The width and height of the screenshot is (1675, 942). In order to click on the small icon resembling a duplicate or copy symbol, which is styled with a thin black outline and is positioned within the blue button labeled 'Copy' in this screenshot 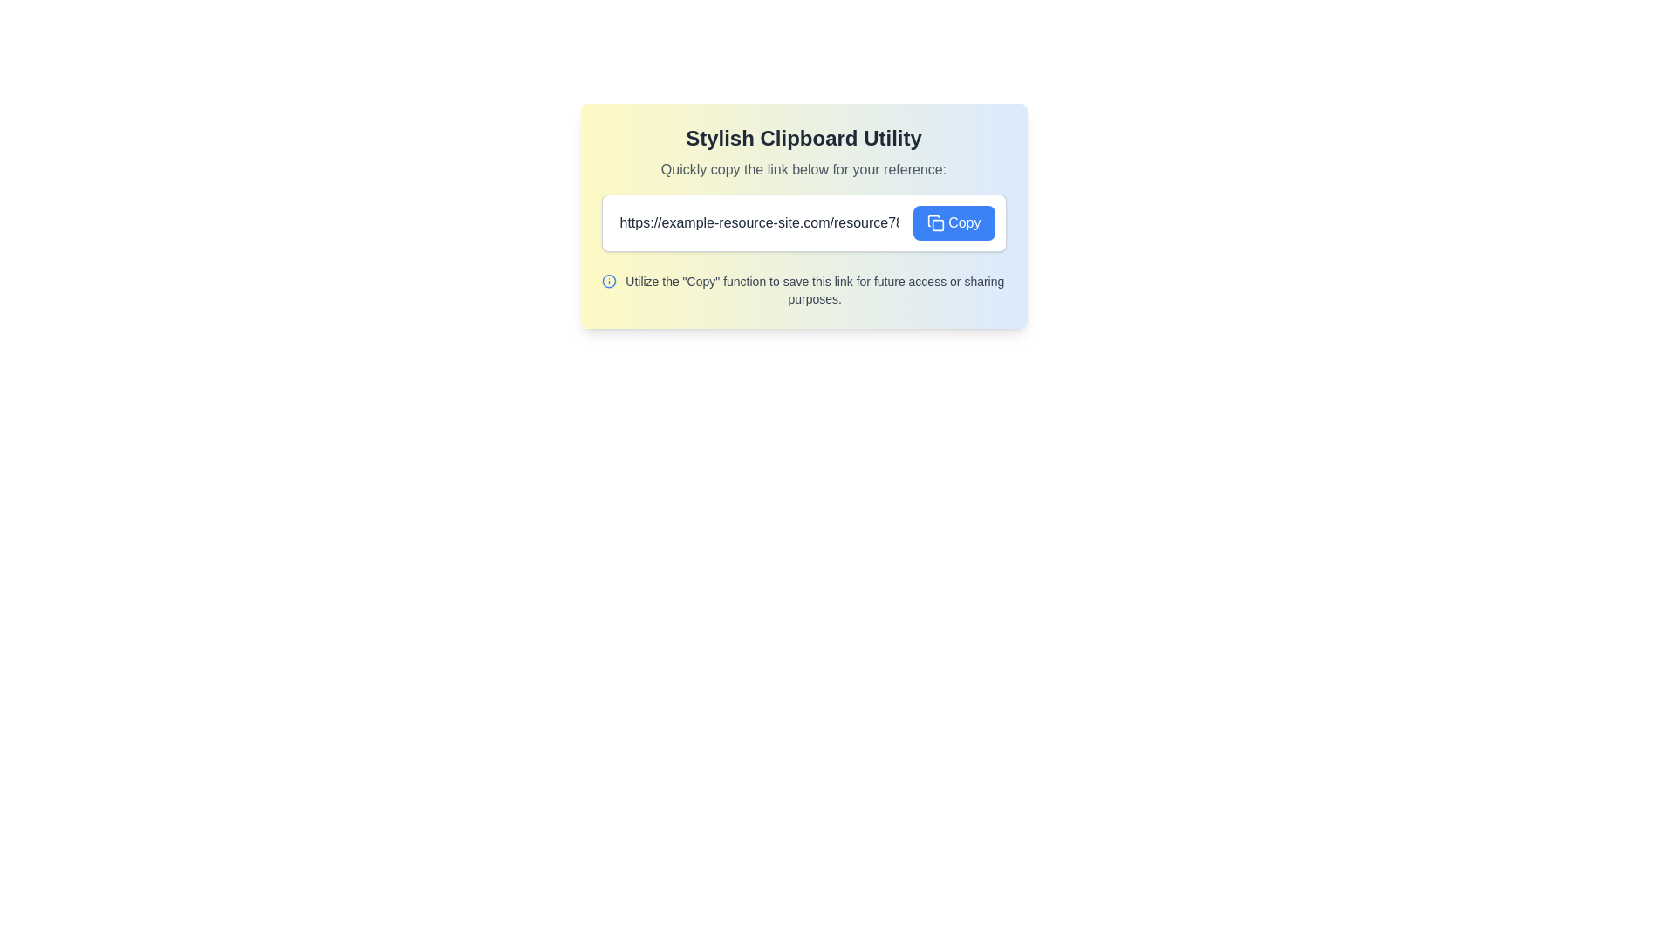, I will do `click(935, 222)`.